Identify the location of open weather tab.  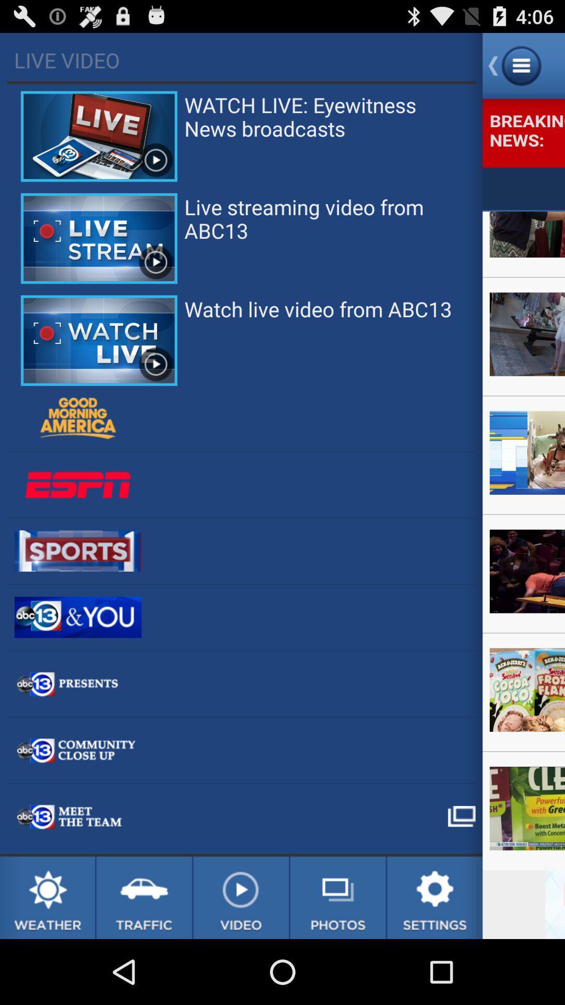
(47, 897).